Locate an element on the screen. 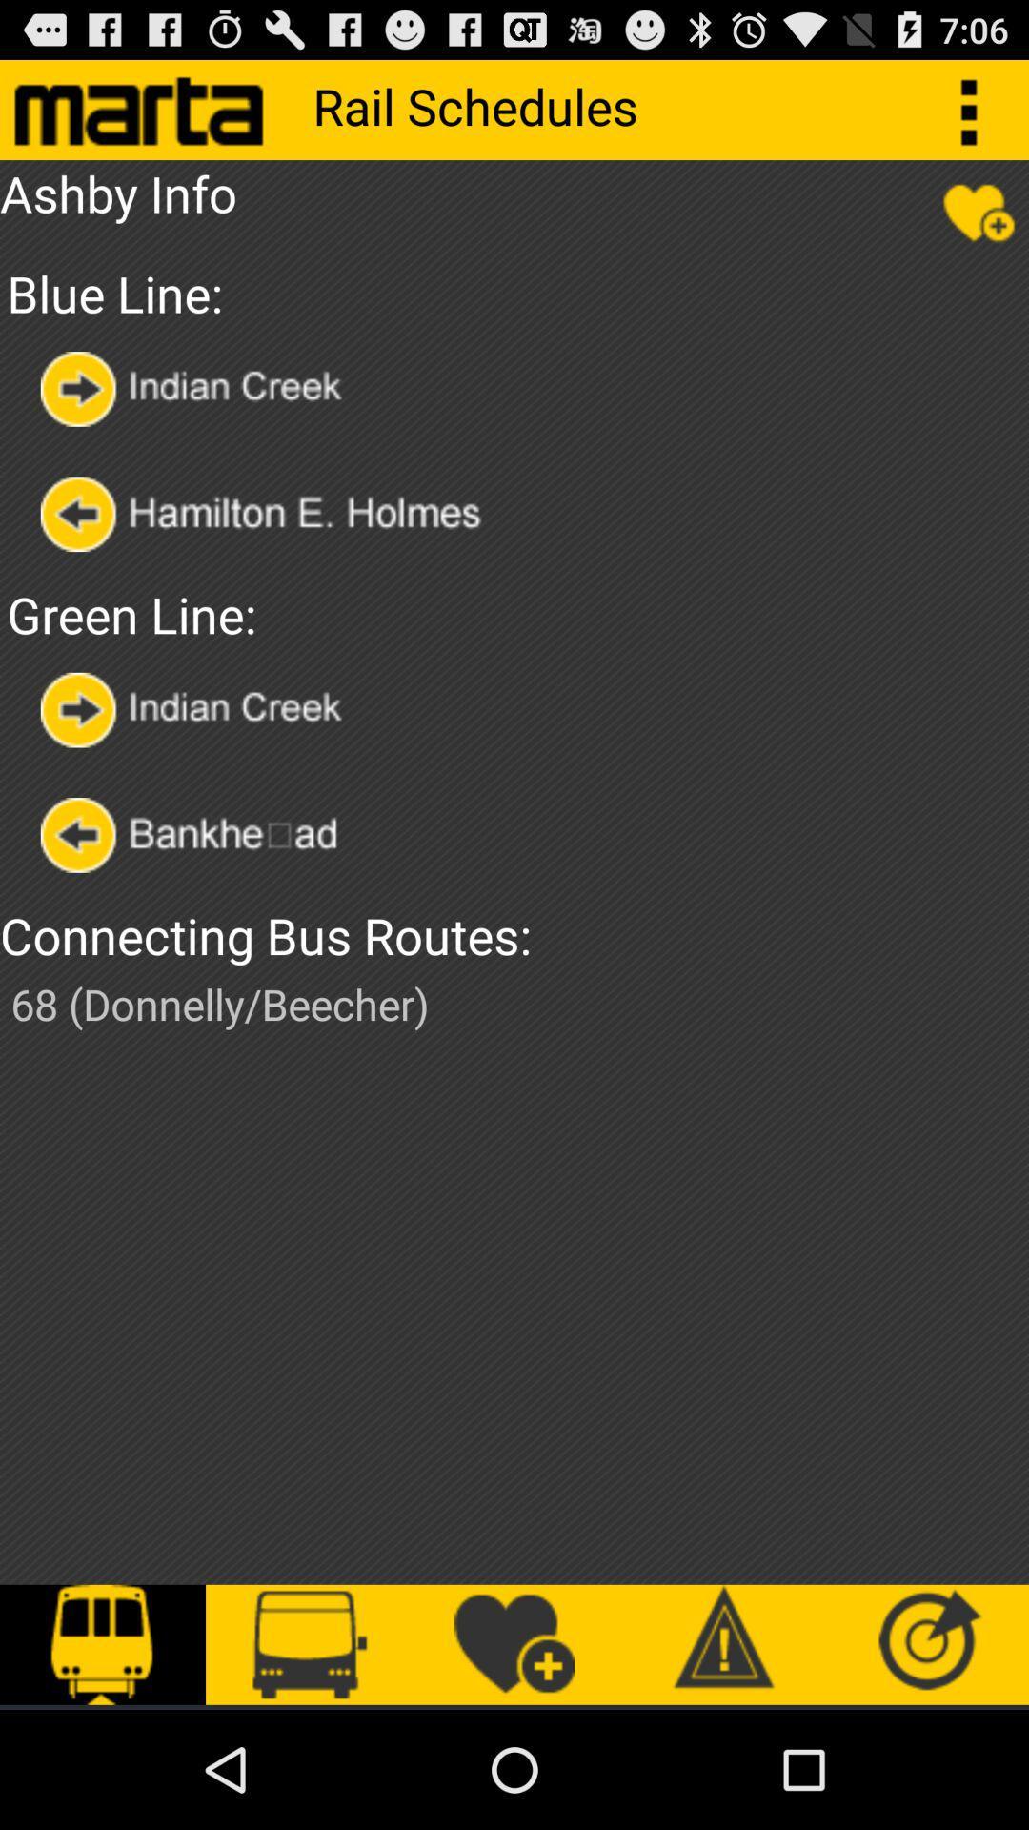 The width and height of the screenshot is (1029, 1830). bankhead route is located at coordinates (206, 835).